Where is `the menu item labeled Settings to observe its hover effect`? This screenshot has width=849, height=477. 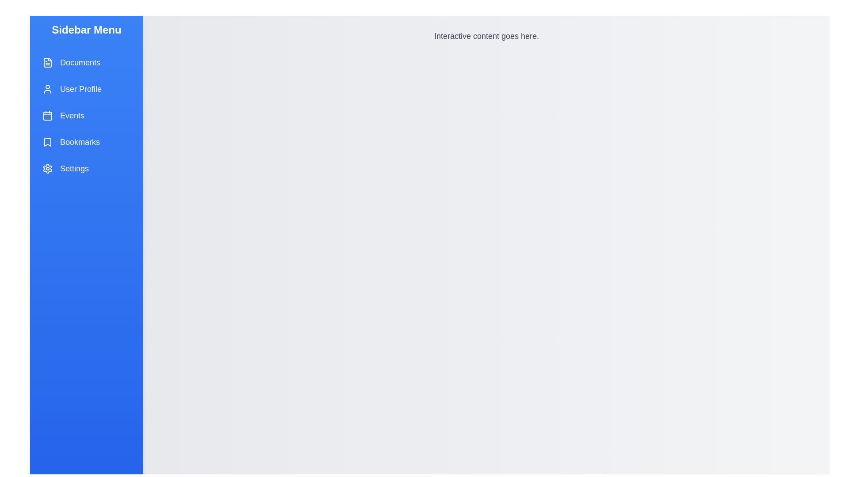
the menu item labeled Settings to observe its hover effect is located at coordinates (87, 168).